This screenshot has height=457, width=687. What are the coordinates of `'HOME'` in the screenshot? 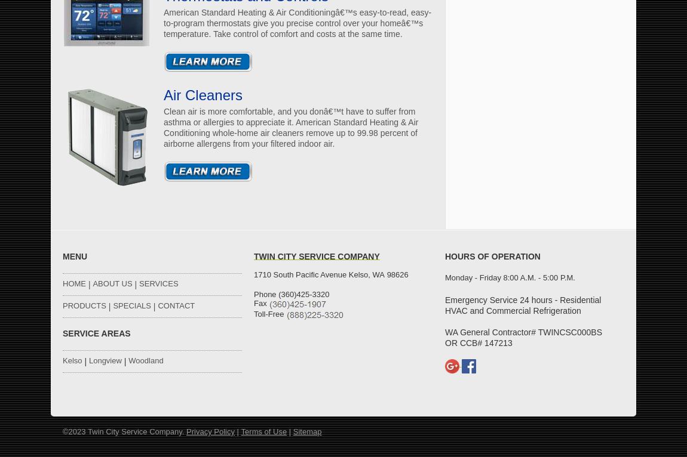 It's located at (62, 283).